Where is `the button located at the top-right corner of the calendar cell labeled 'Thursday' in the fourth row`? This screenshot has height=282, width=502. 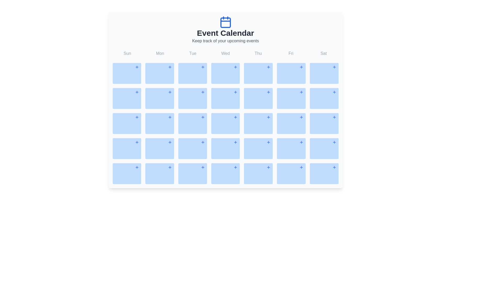
the button located at the top-right corner of the calendar cell labeled 'Thursday' in the fourth row is located at coordinates (269, 92).